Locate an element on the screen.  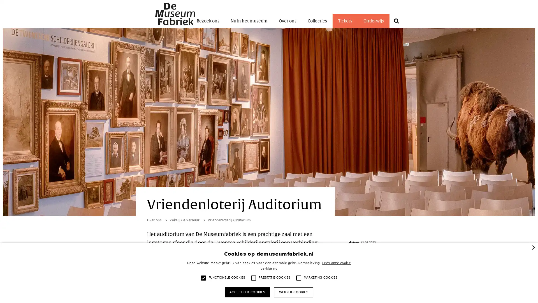
WEIGER COOKIES is located at coordinates (293, 292).